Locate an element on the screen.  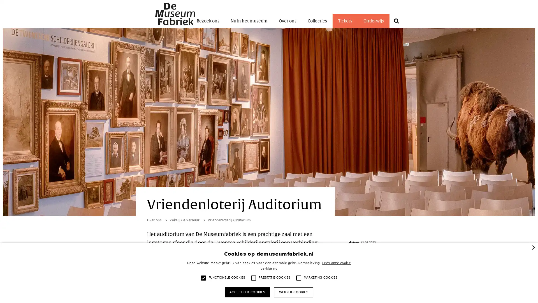
WEIGER COOKIES is located at coordinates (293, 292).